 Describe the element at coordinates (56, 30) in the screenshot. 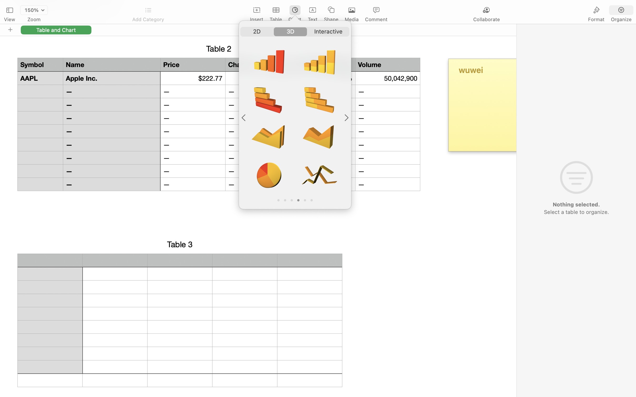

I see `'Table and Chart'` at that location.